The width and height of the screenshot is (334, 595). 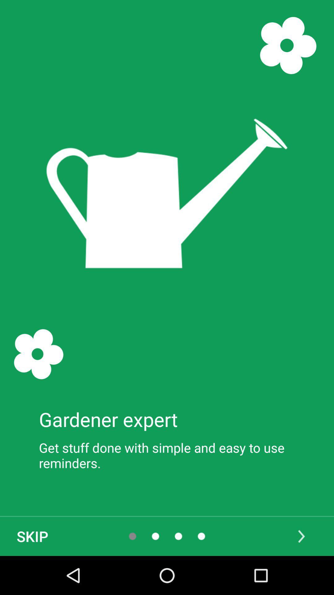 What do you see at coordinates (301, 536) in the screenshot?
I see `the arrow_forward icon` at bounding box center [301, 536].